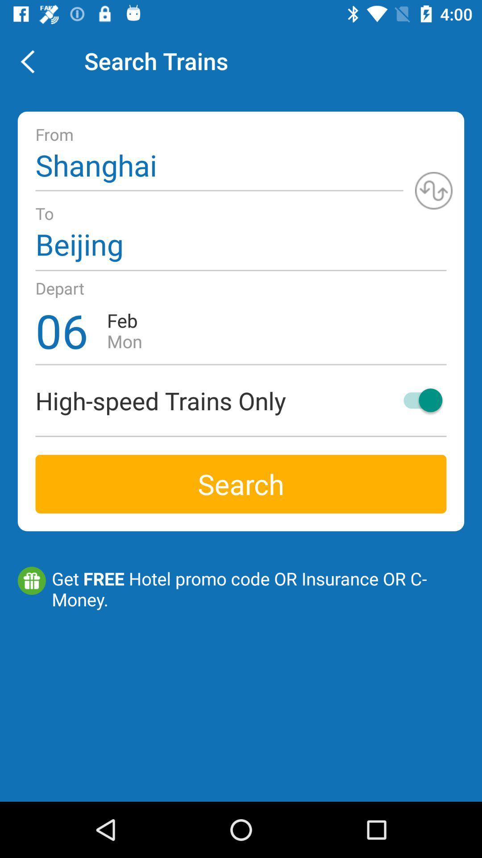 Image resolution: width=482 pixels, height=858 pixels. Describe the element at coordinates (433, 190) in the screenshot. I see `switch from/to` at that location.